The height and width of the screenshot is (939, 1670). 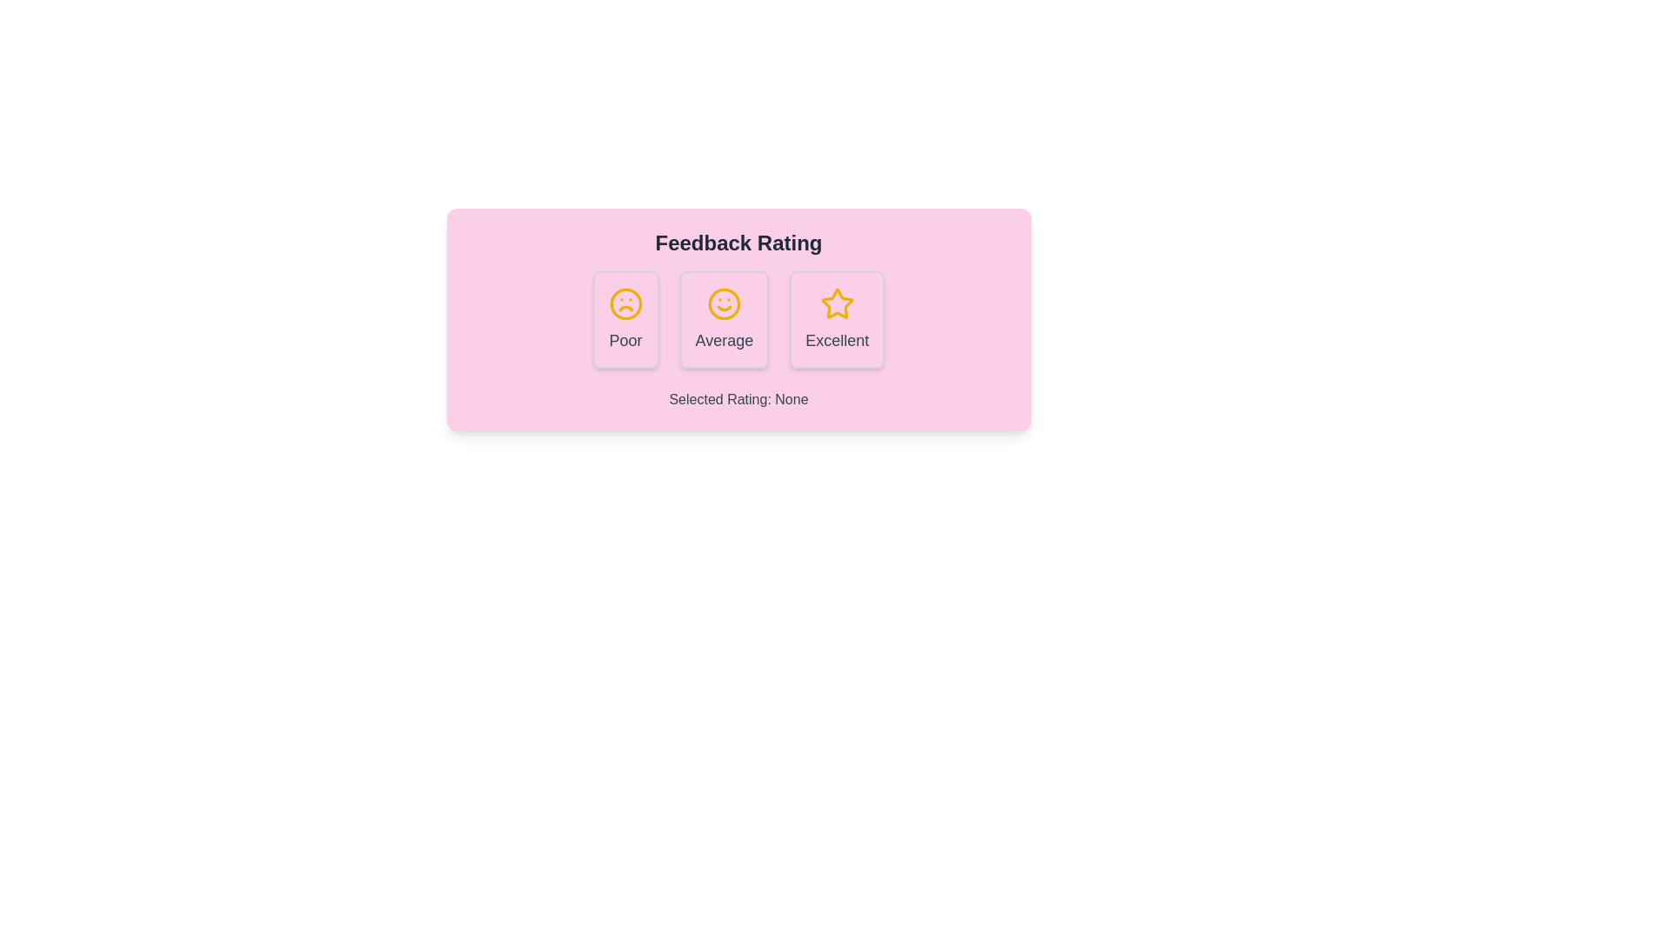 What do you see at coordinates (837, 341) in the screenshot?
I see `the descriptive text label for the 'Excellent' rating option located below the third star icon in the feedback rating component` at bounding box center [837, 341].